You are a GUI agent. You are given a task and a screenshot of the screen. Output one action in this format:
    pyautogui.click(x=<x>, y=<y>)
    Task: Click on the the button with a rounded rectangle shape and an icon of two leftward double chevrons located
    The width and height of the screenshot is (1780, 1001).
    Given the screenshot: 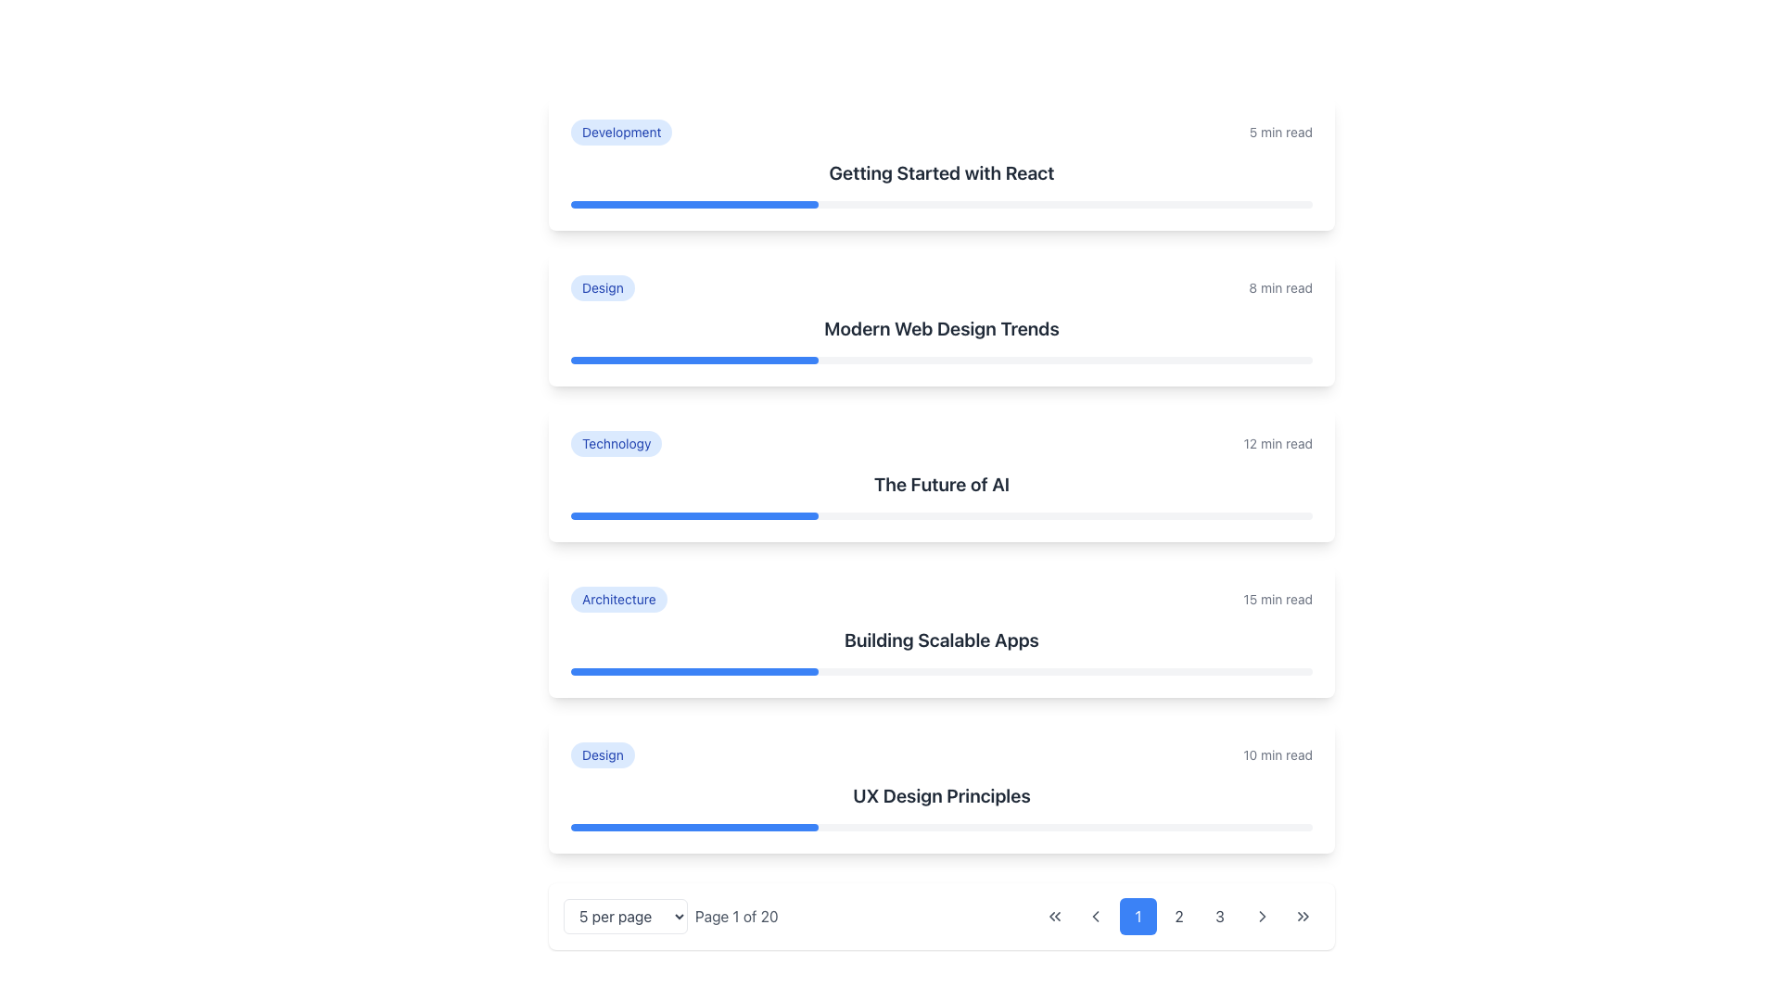 What is the action you would take?
    pyautogui.click(x=1054, y=915)
    